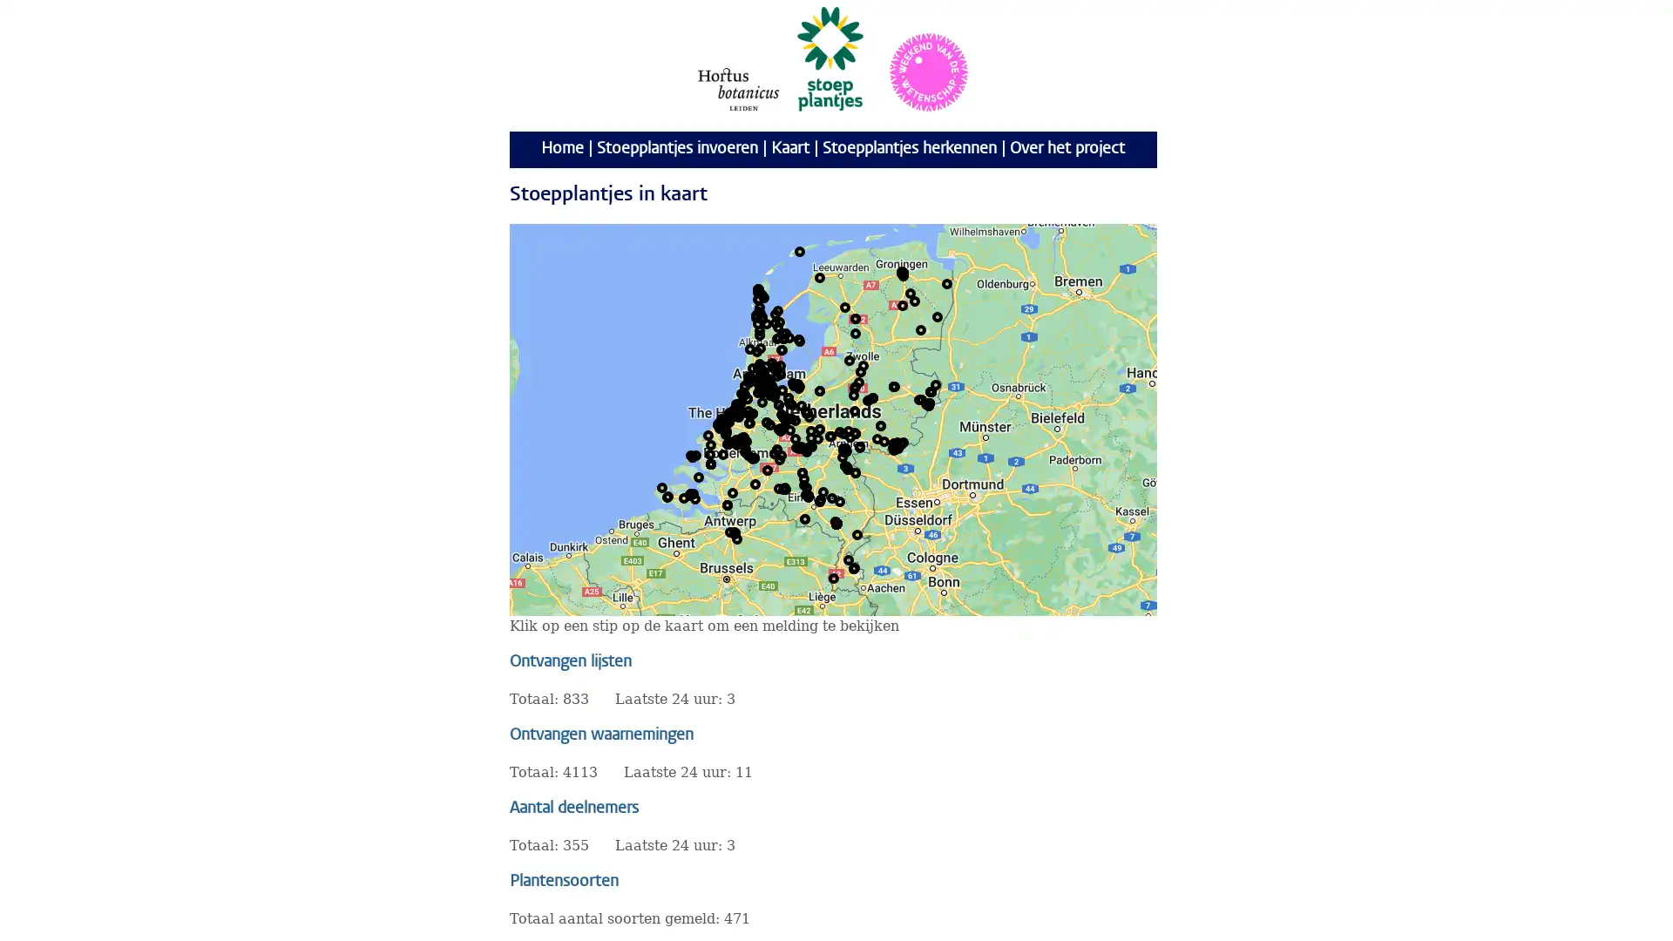 The width and height of the screenshot is (1673, 941). What do you see at coordinates (740, 412) in the screenshot?
I see `Telling van Ton op 25 juni 2022` at bounding box center [740, 412].